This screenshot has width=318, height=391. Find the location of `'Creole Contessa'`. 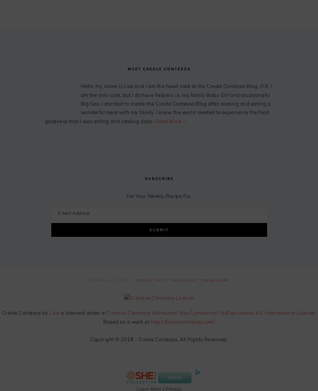

'Creole Contessa' is located at coordinates (21, 312).